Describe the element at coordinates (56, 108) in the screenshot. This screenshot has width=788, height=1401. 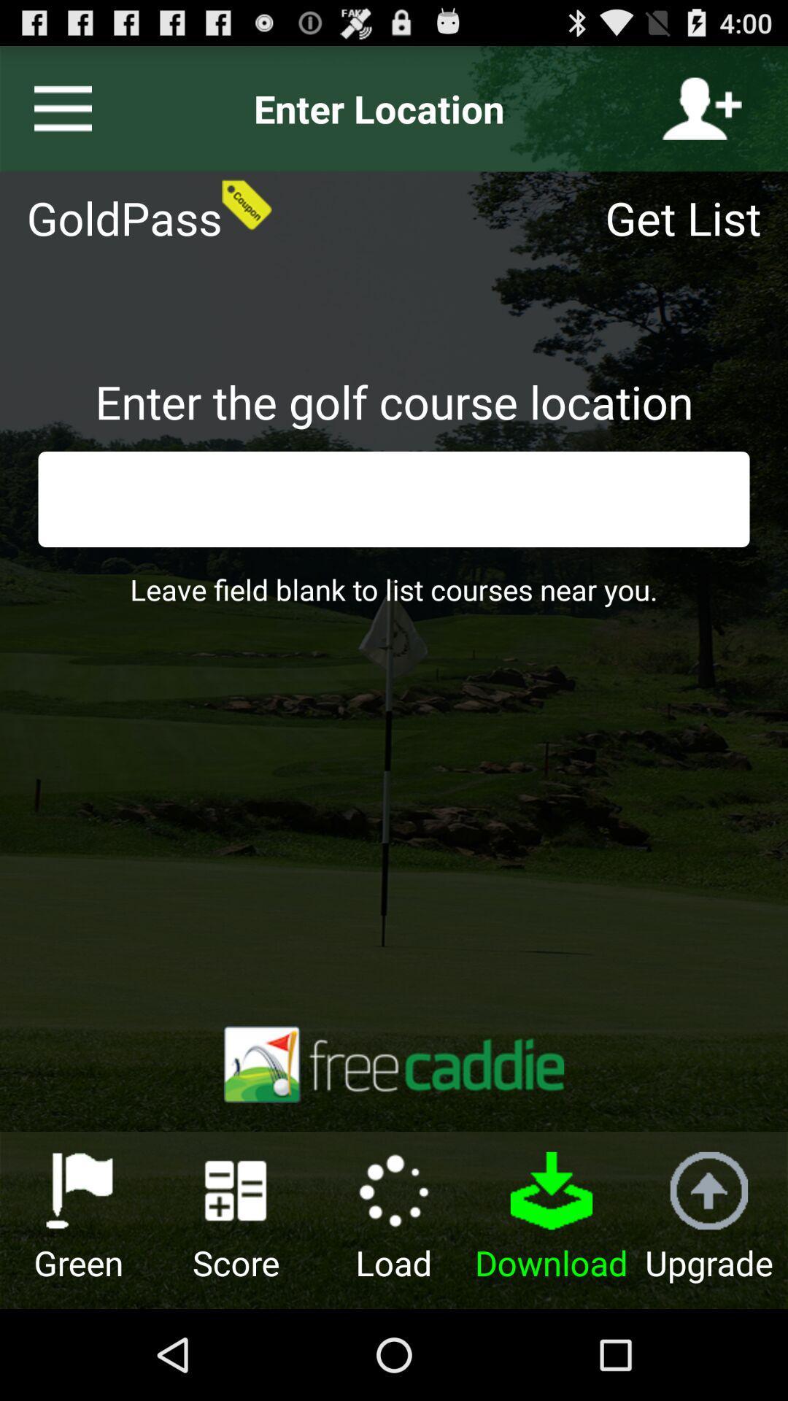
I see `the icon to the left of the enter location item` at that location.